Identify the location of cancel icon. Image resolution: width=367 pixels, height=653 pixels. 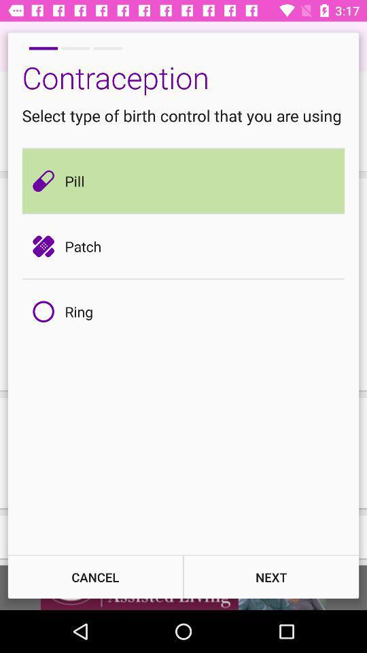
(94, 576).